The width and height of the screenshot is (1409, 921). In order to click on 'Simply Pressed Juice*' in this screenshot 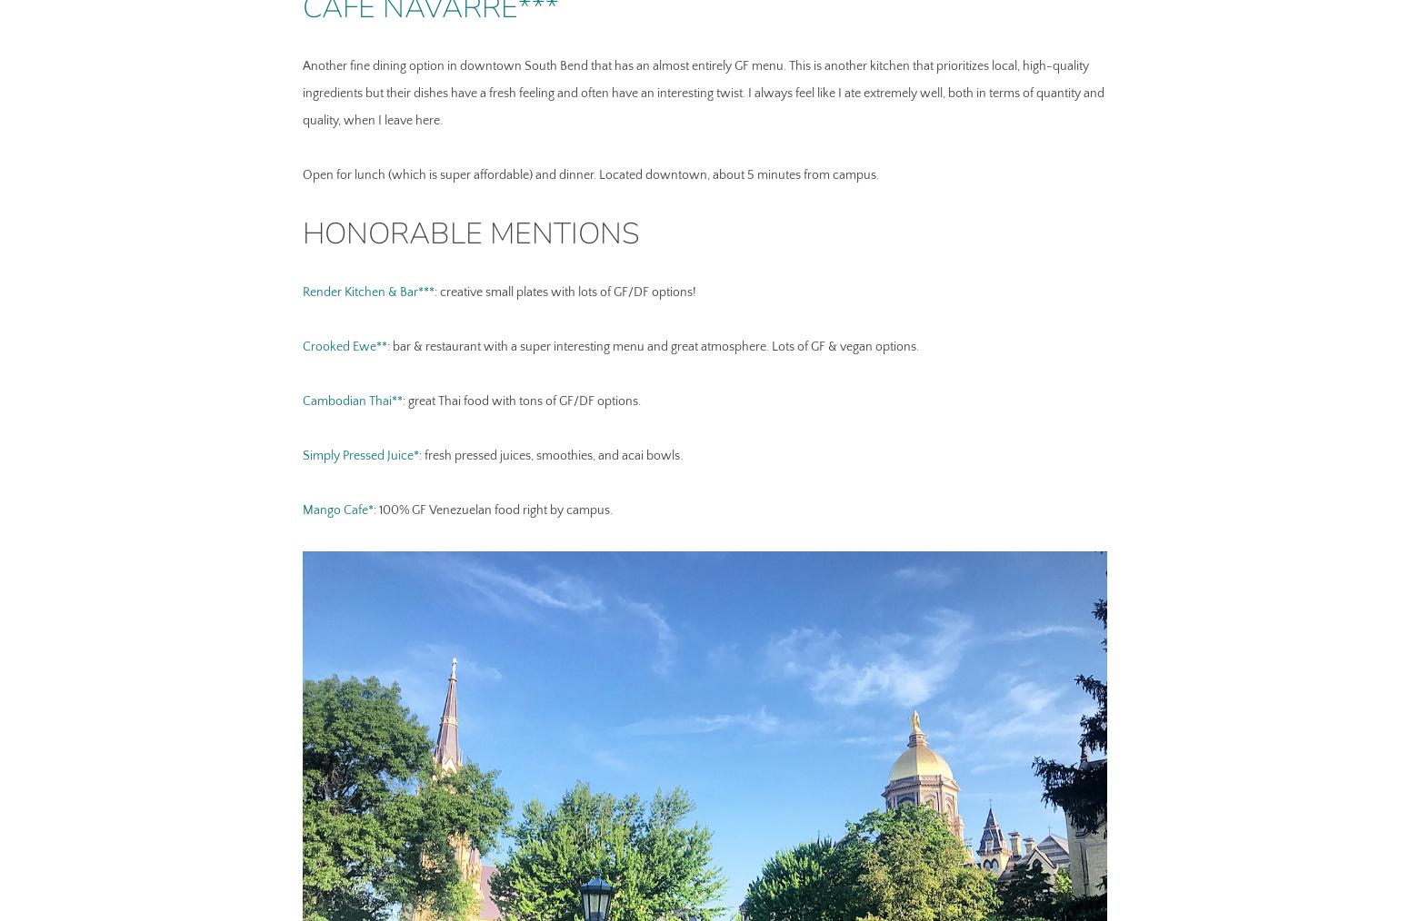, I will do `click(301, 455)`.